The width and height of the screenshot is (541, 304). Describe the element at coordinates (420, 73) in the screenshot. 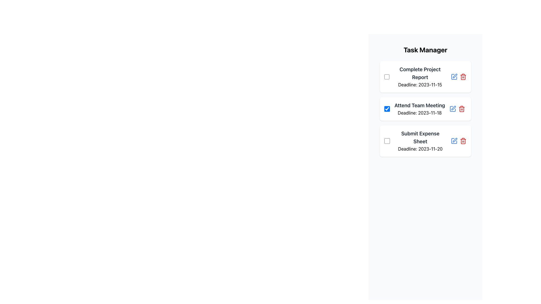

I see `the text label at the top of the 'Task Manager' panel, which serves as the title for a task` at that location.